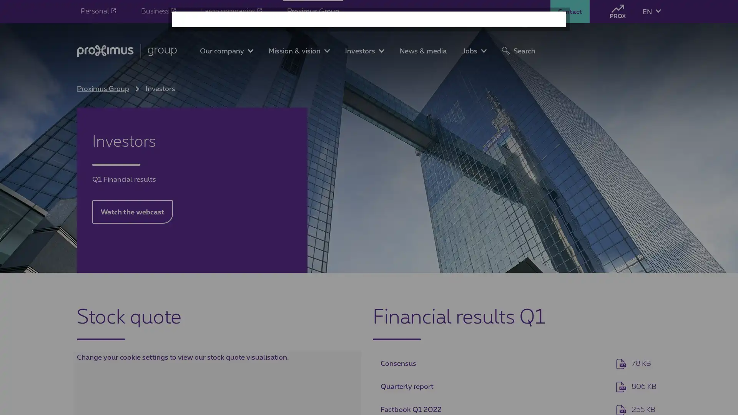 The width and height of the screenshot is (738, 415). Describe the element at coordinates (635, 89) in the screenshot. I see `Search` at that location.